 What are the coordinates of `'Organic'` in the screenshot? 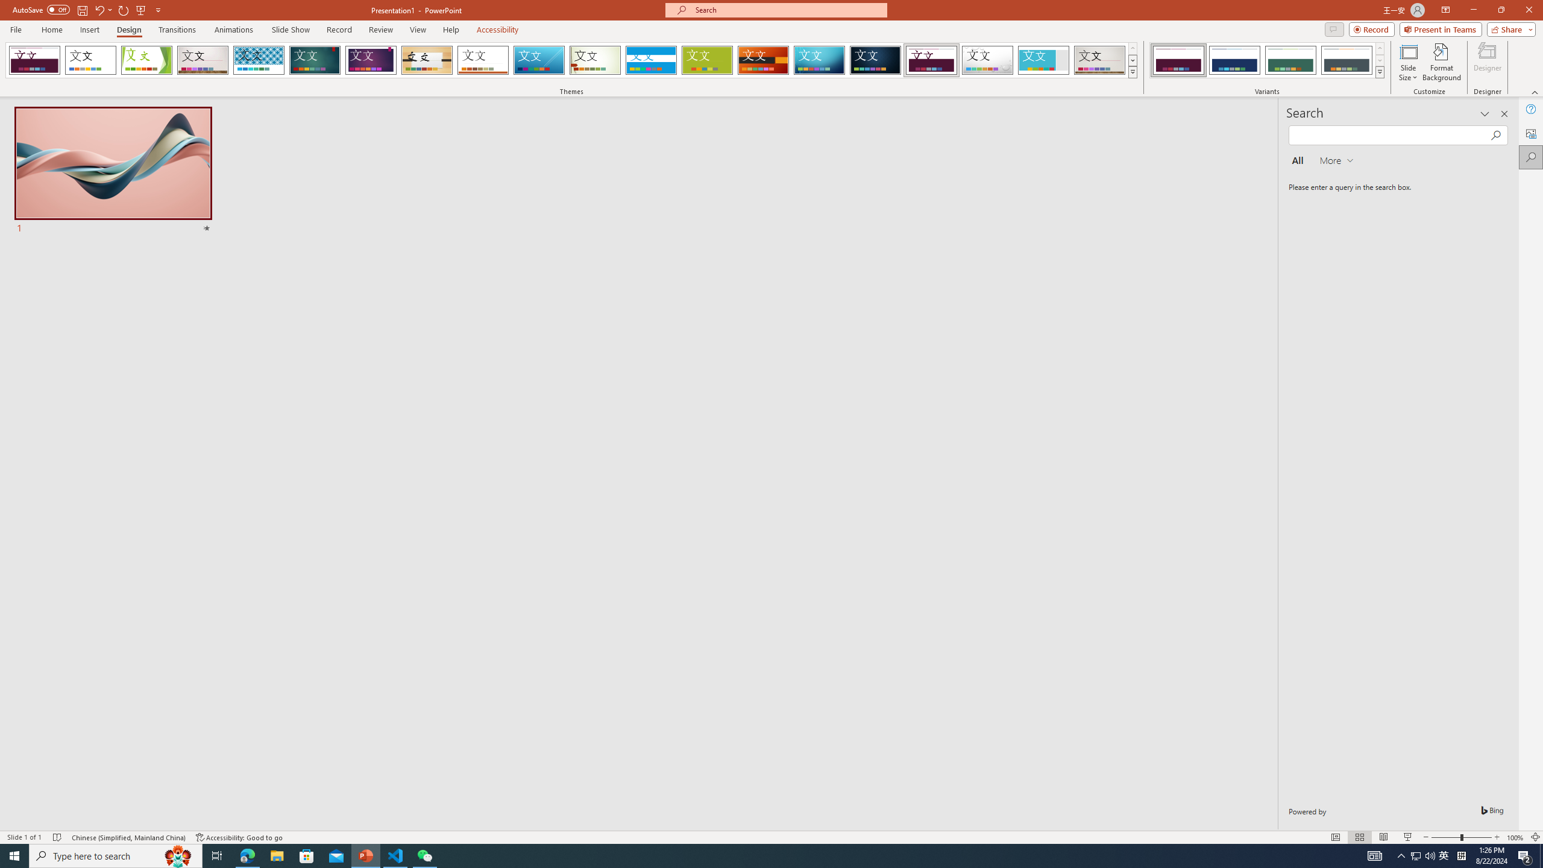 It's located at (427, 60).